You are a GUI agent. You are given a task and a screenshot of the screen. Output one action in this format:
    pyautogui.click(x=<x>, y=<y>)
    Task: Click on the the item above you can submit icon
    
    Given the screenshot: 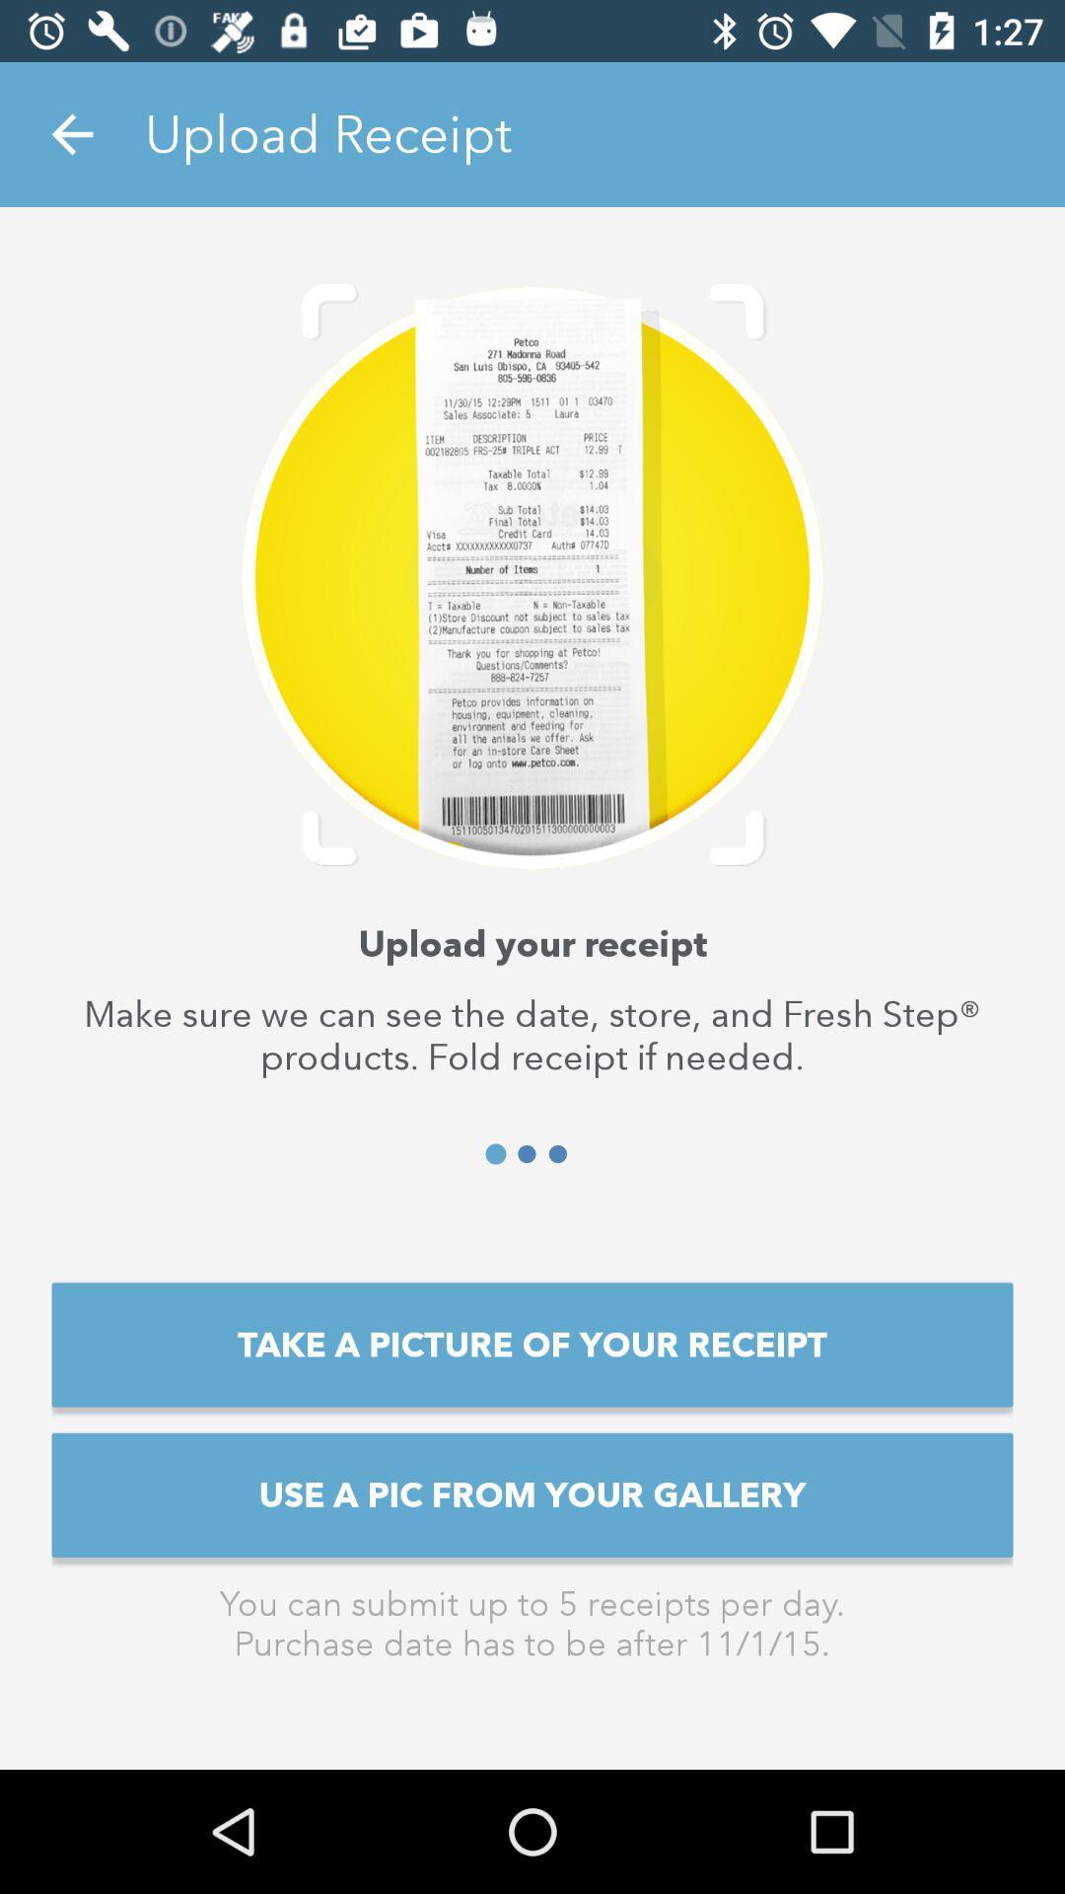 What is the action you would take?
    pyautogui.click(x=532, y=1494)
    